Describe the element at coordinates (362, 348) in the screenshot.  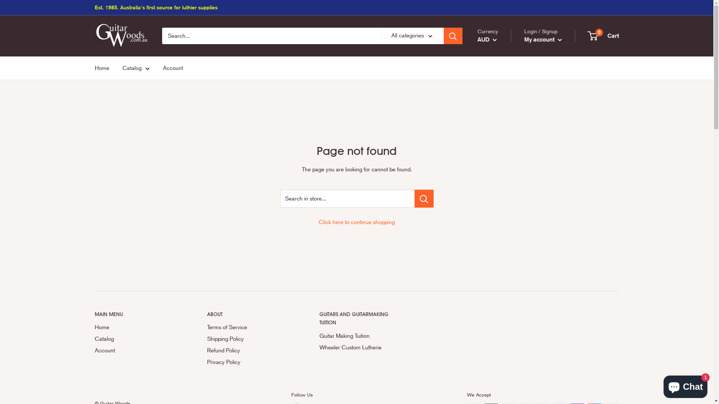
I see `'Wheeler Custom Lutherie'` at that location.